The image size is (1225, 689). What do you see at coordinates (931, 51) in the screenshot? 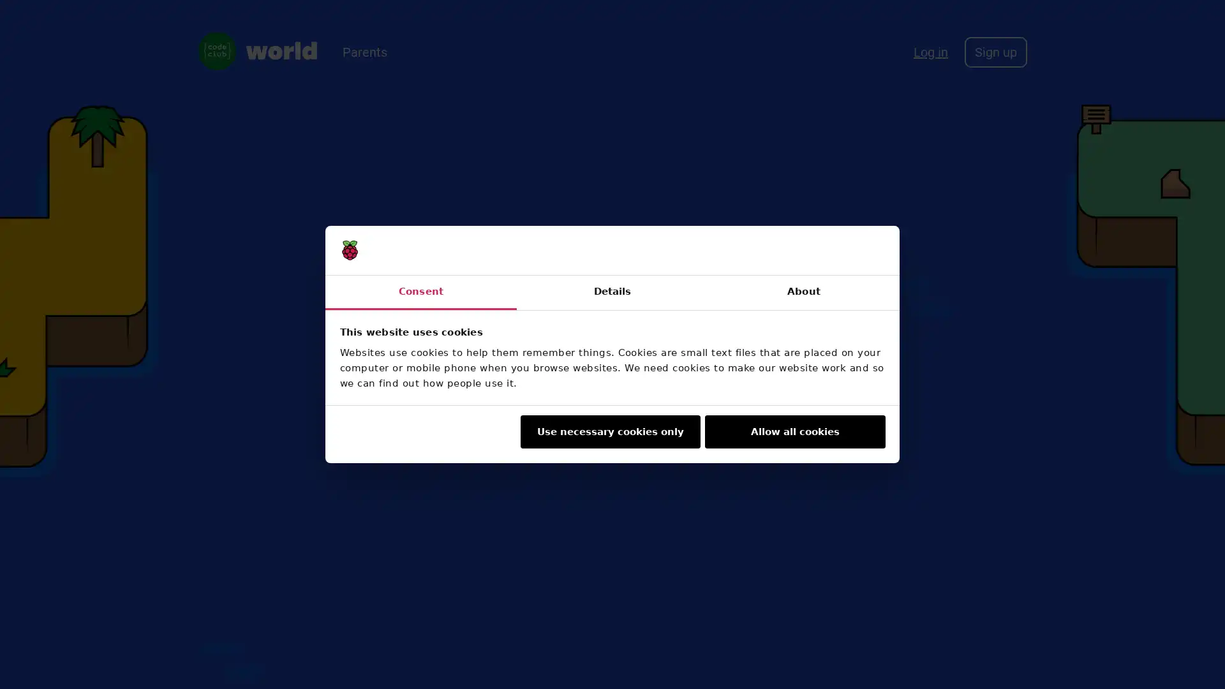
I see `Log in` at bounding box center [931, 51].